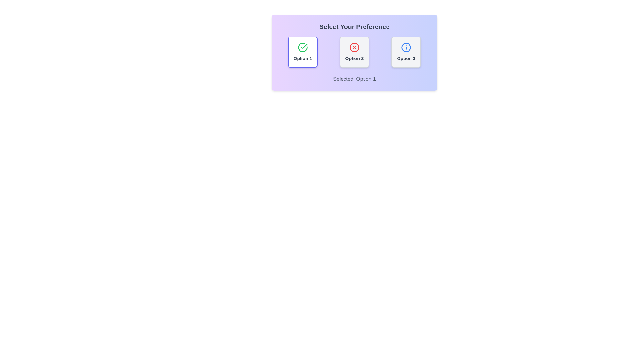  I want to click on the button corresponding to Option 1 to select it, so click(302, 52).